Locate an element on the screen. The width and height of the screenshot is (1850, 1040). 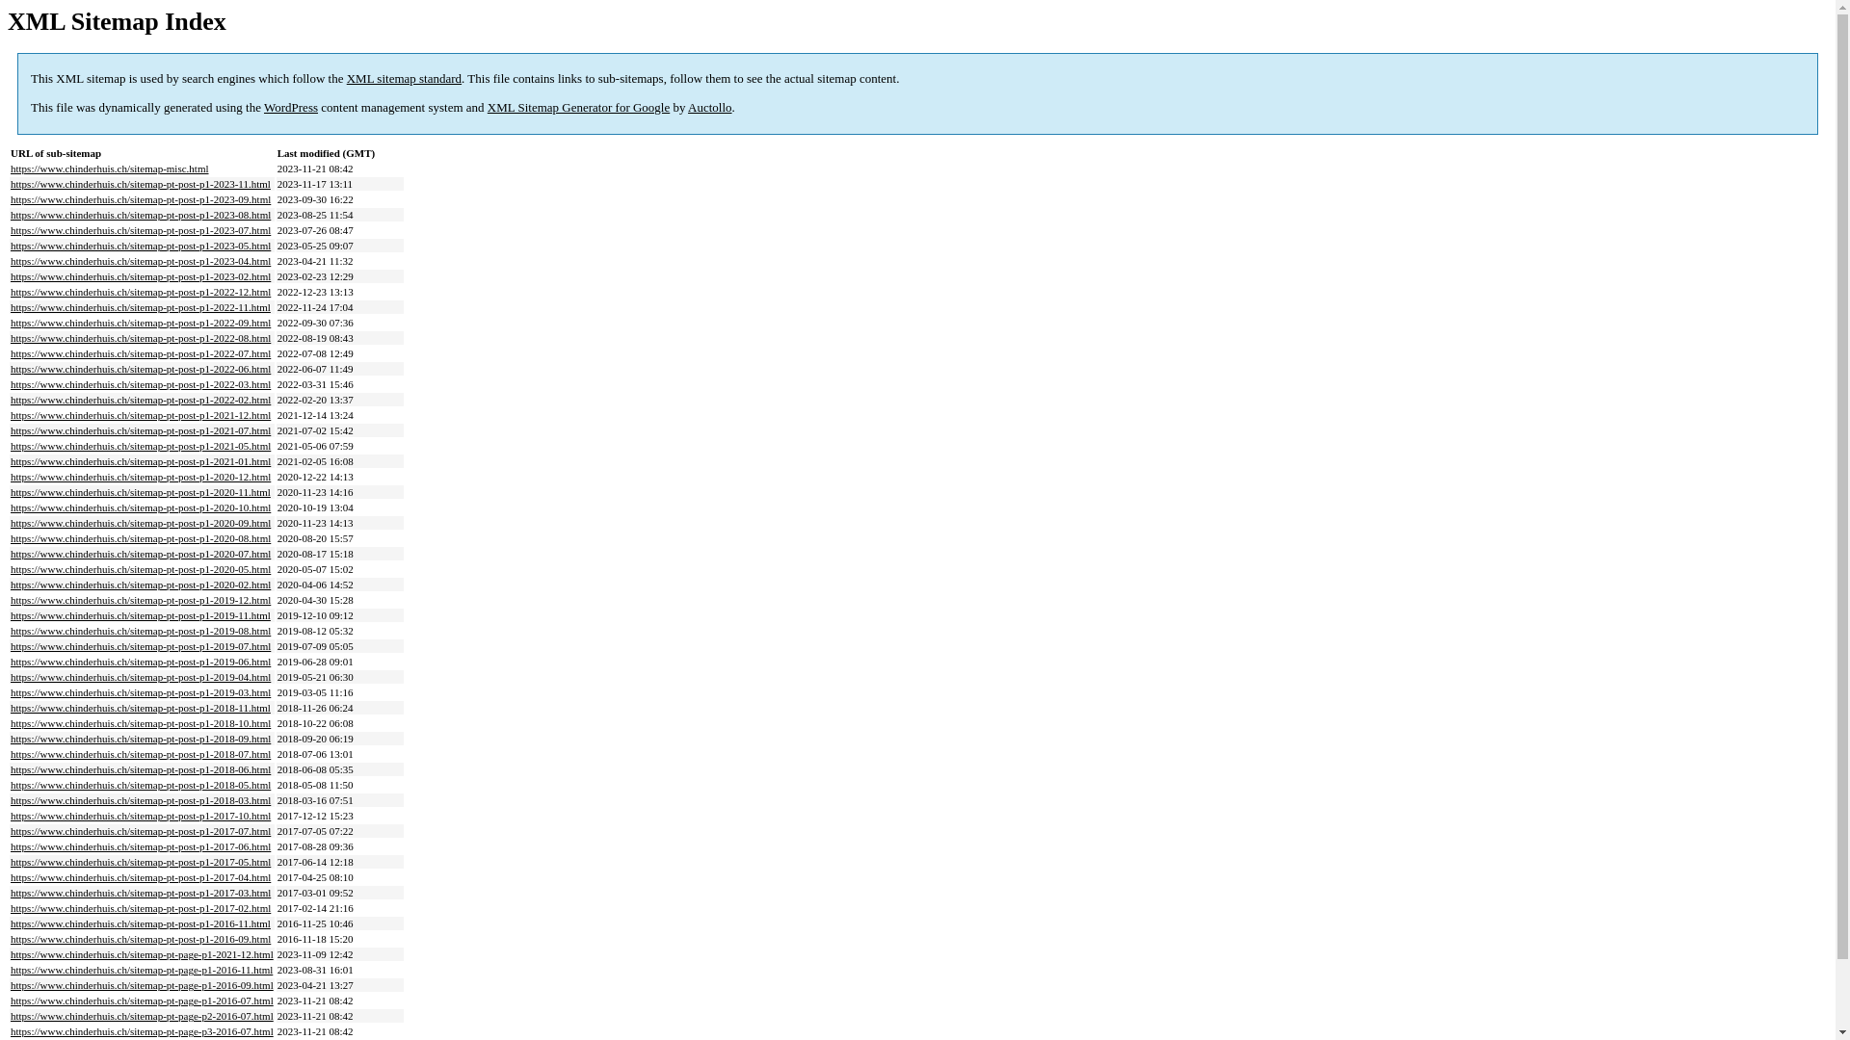
'Auctollo' is located at coordinates (709, 107).